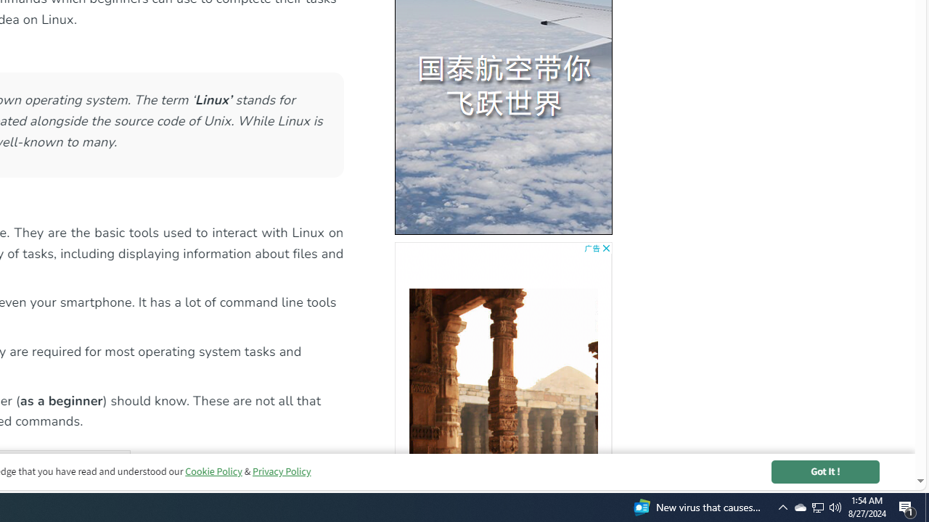  What do you see at coordinates (503, 365) in the screenshot?
I see `'AutomationID: bg5'` at bounding box center [503, 365].